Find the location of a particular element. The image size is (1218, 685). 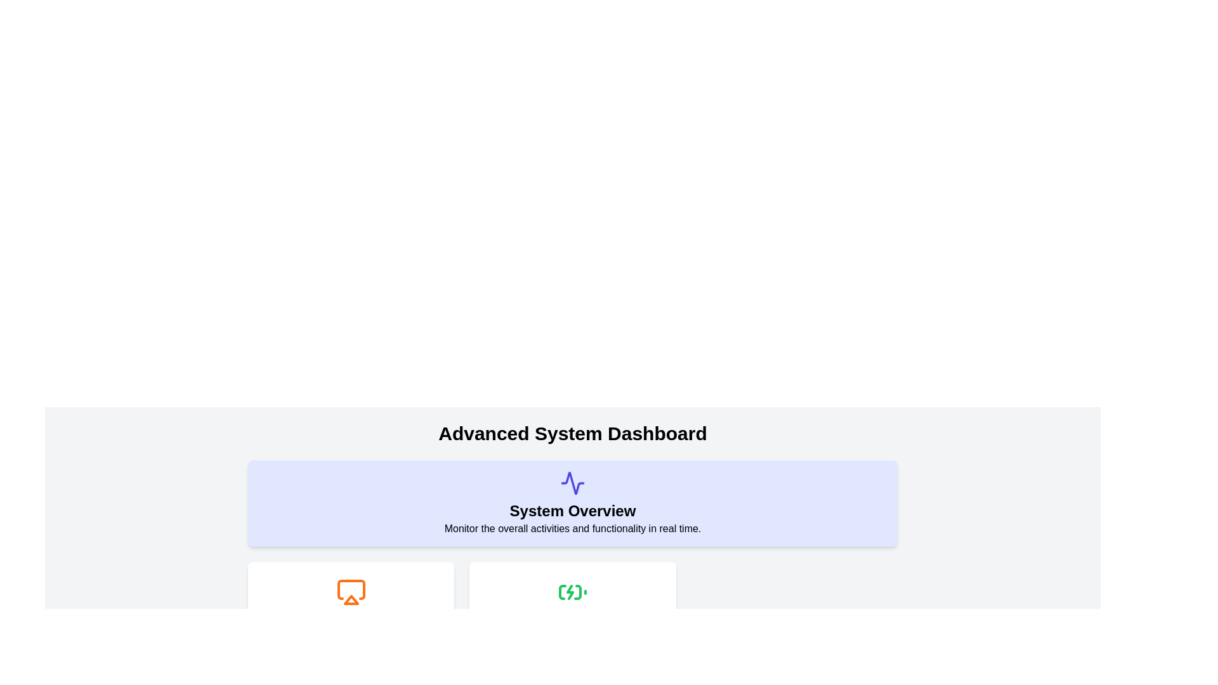

the icon that represents system activity or monitoring, located within the 'System Overview' section, centered horizontally in the light-indigo card is located at coordinates (572, 483).